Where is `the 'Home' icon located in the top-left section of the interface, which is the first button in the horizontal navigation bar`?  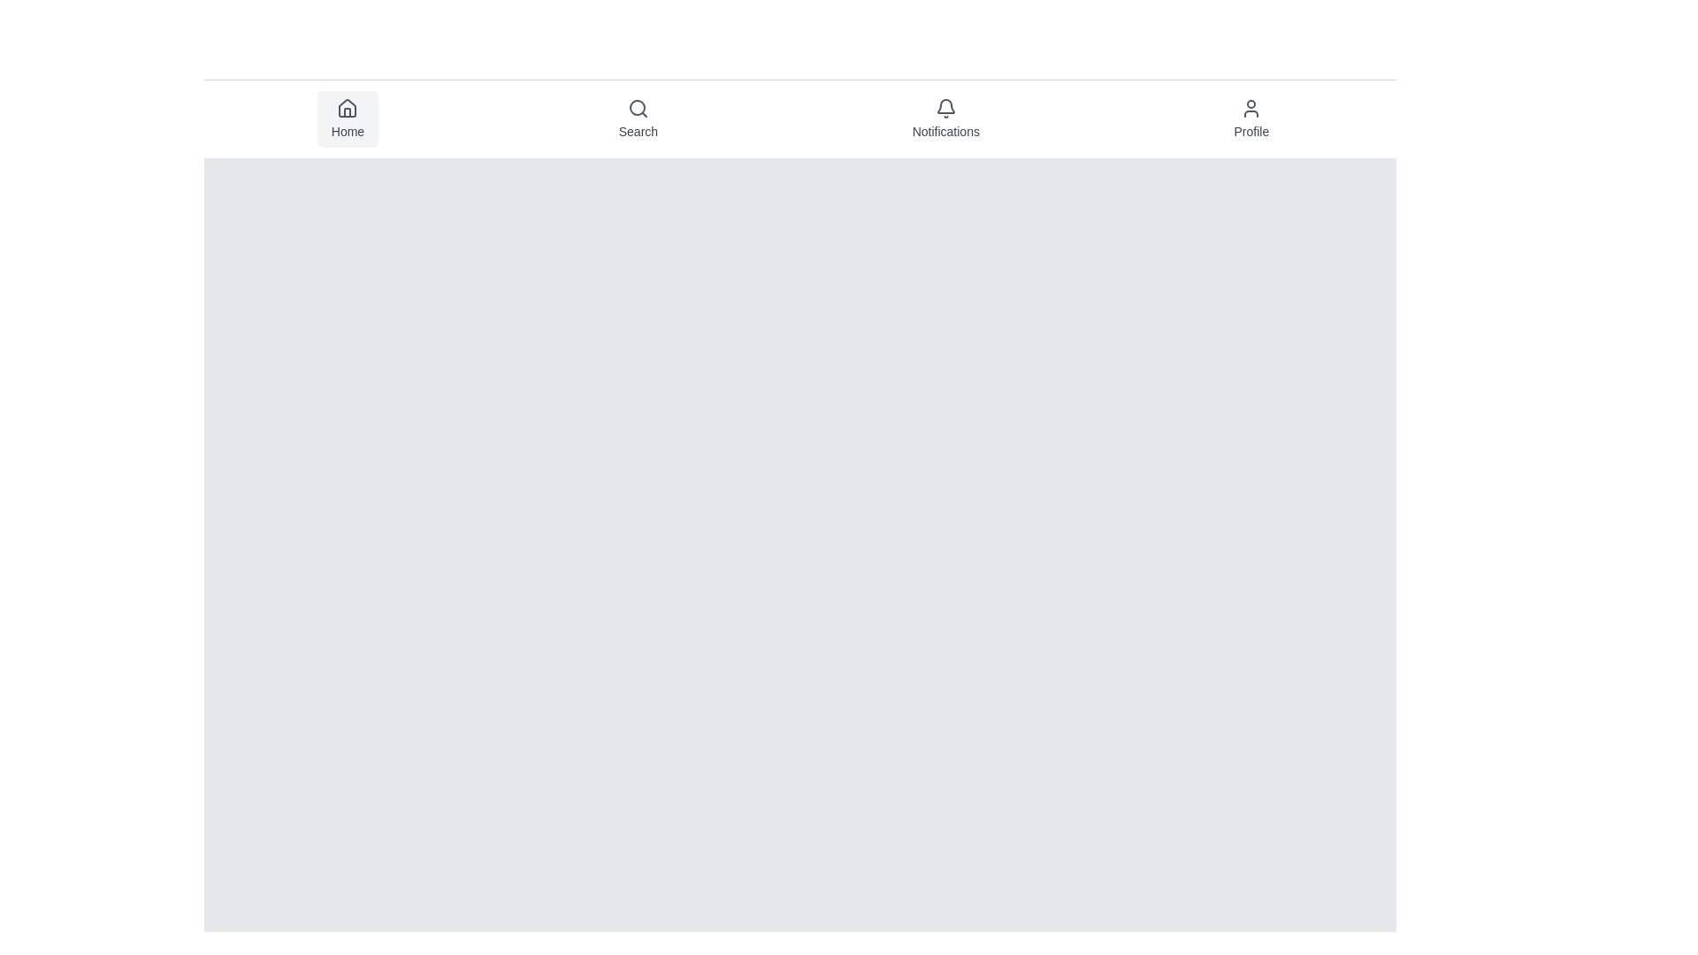
the 'Home' icon located in the top-left section of the interface, which is the first button in the horizontal navigation bar is located at coordinates (348, 109).